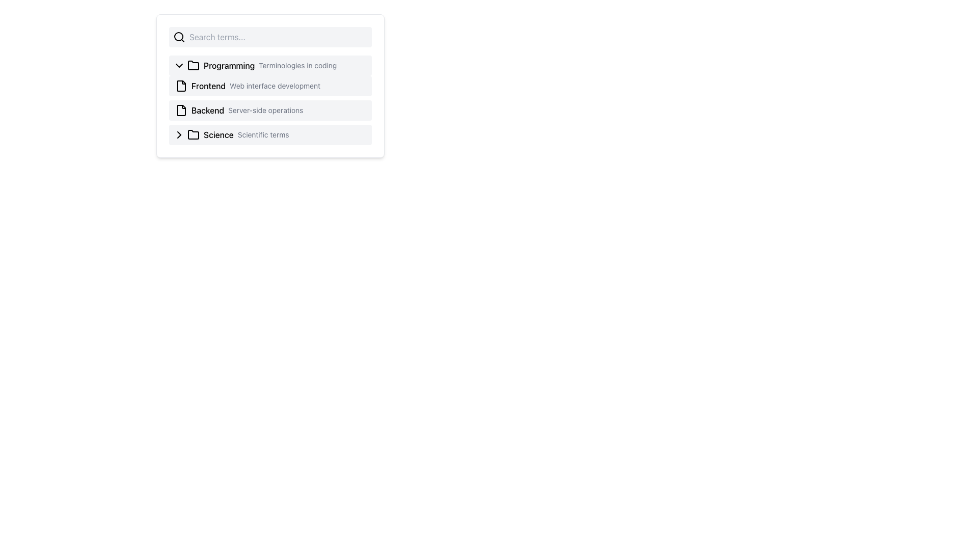 Image resolution: width=978 pixels, height=550 pixels. I want to click on to select the first list item under the 'Programming' category, which displays a document icon and the text 'Frontend' in bold, followed by 'Web interface development', so click(270, 86).